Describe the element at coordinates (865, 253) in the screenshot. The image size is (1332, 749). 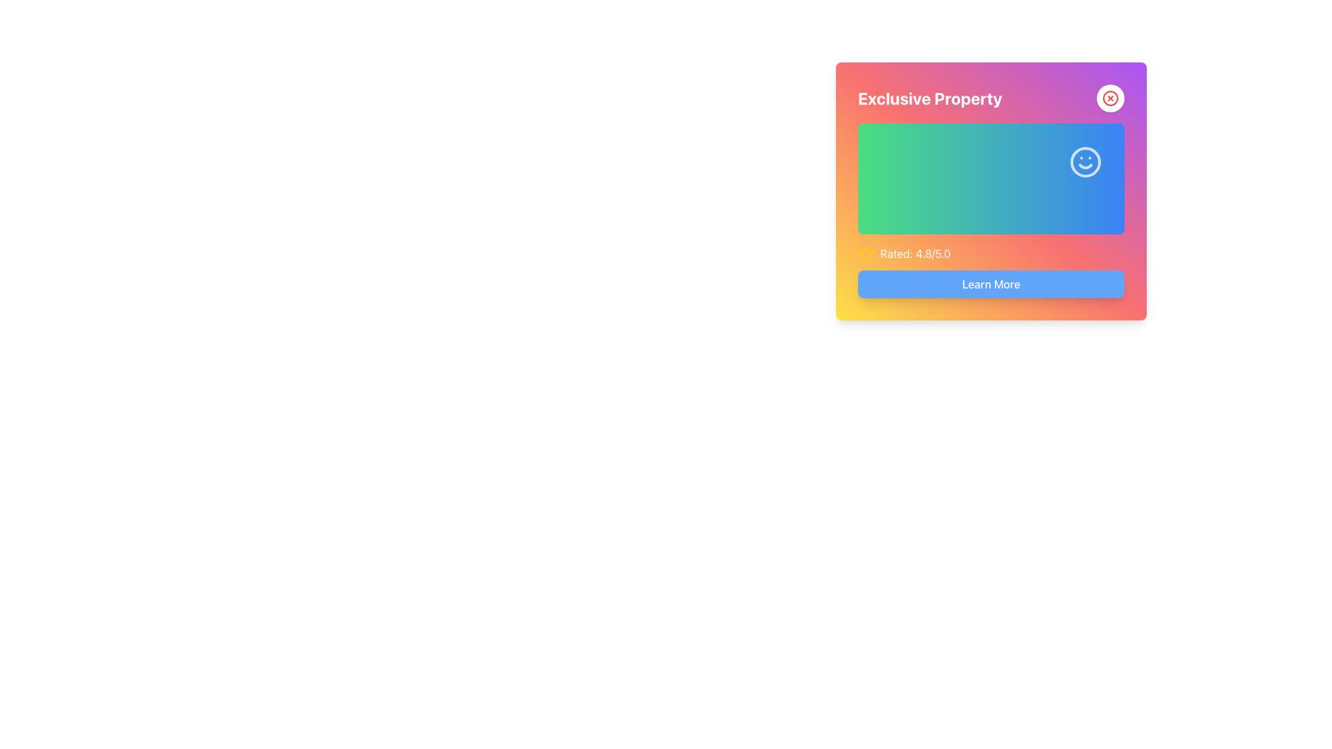
I see `the decorative icon located to the left of the rating text 'Rated: 4.8/5.0' in the card interface` at that location.